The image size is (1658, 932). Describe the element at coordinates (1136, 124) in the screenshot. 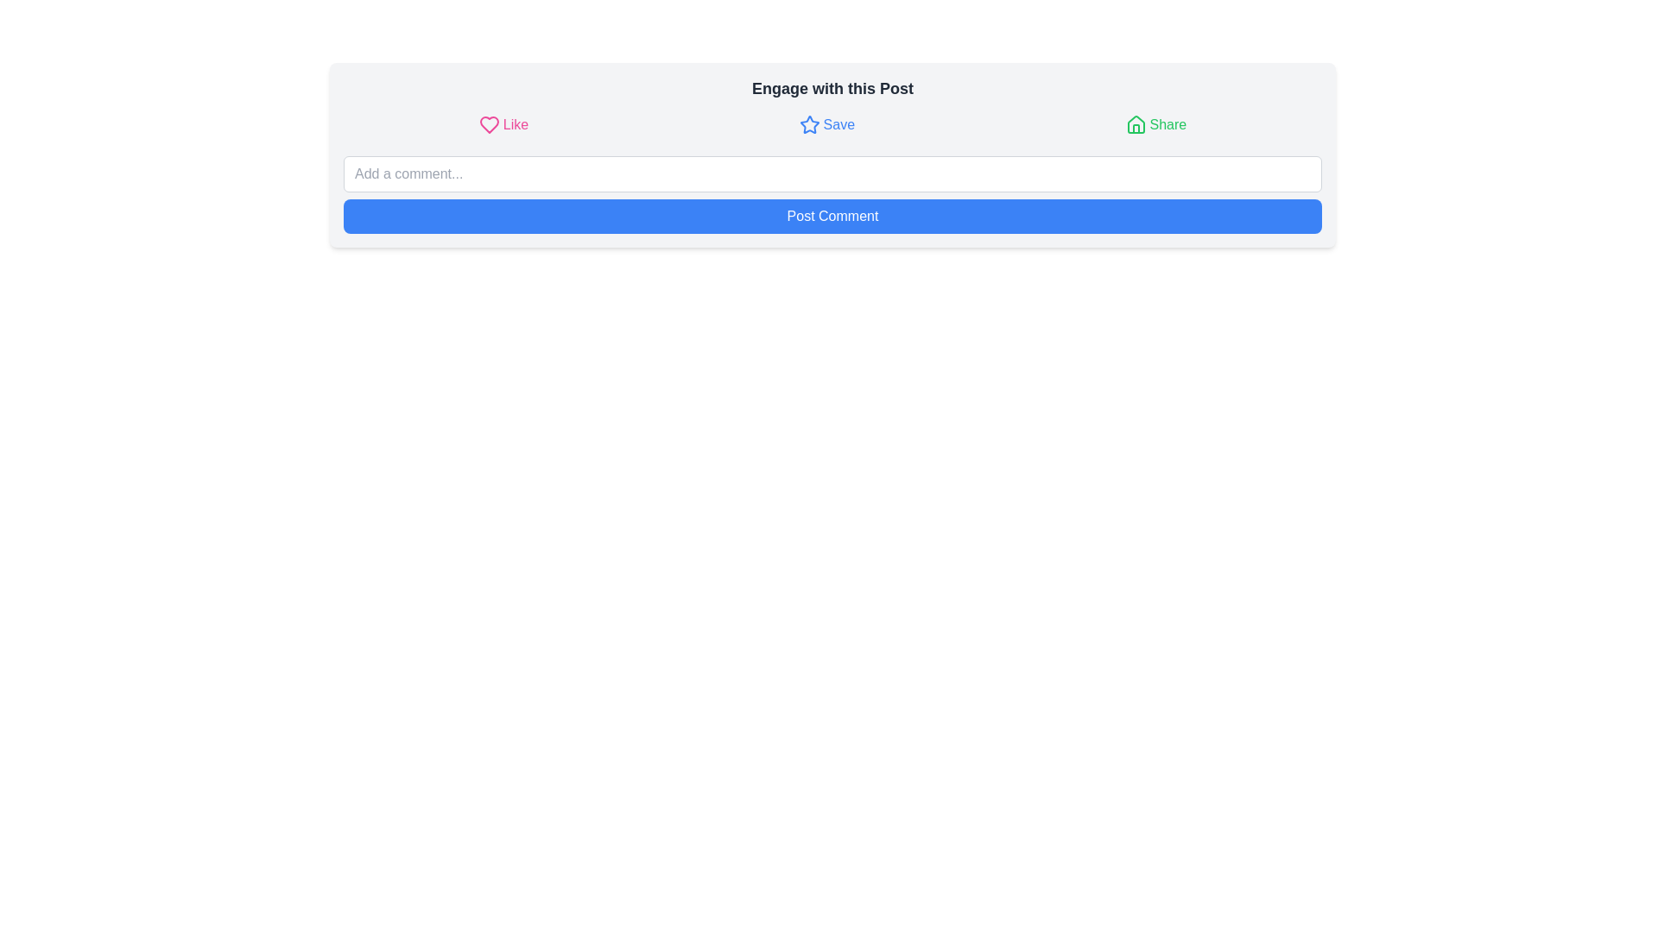

I see `the house icon with a greenish tint located in the 'Share' button group` at that location.